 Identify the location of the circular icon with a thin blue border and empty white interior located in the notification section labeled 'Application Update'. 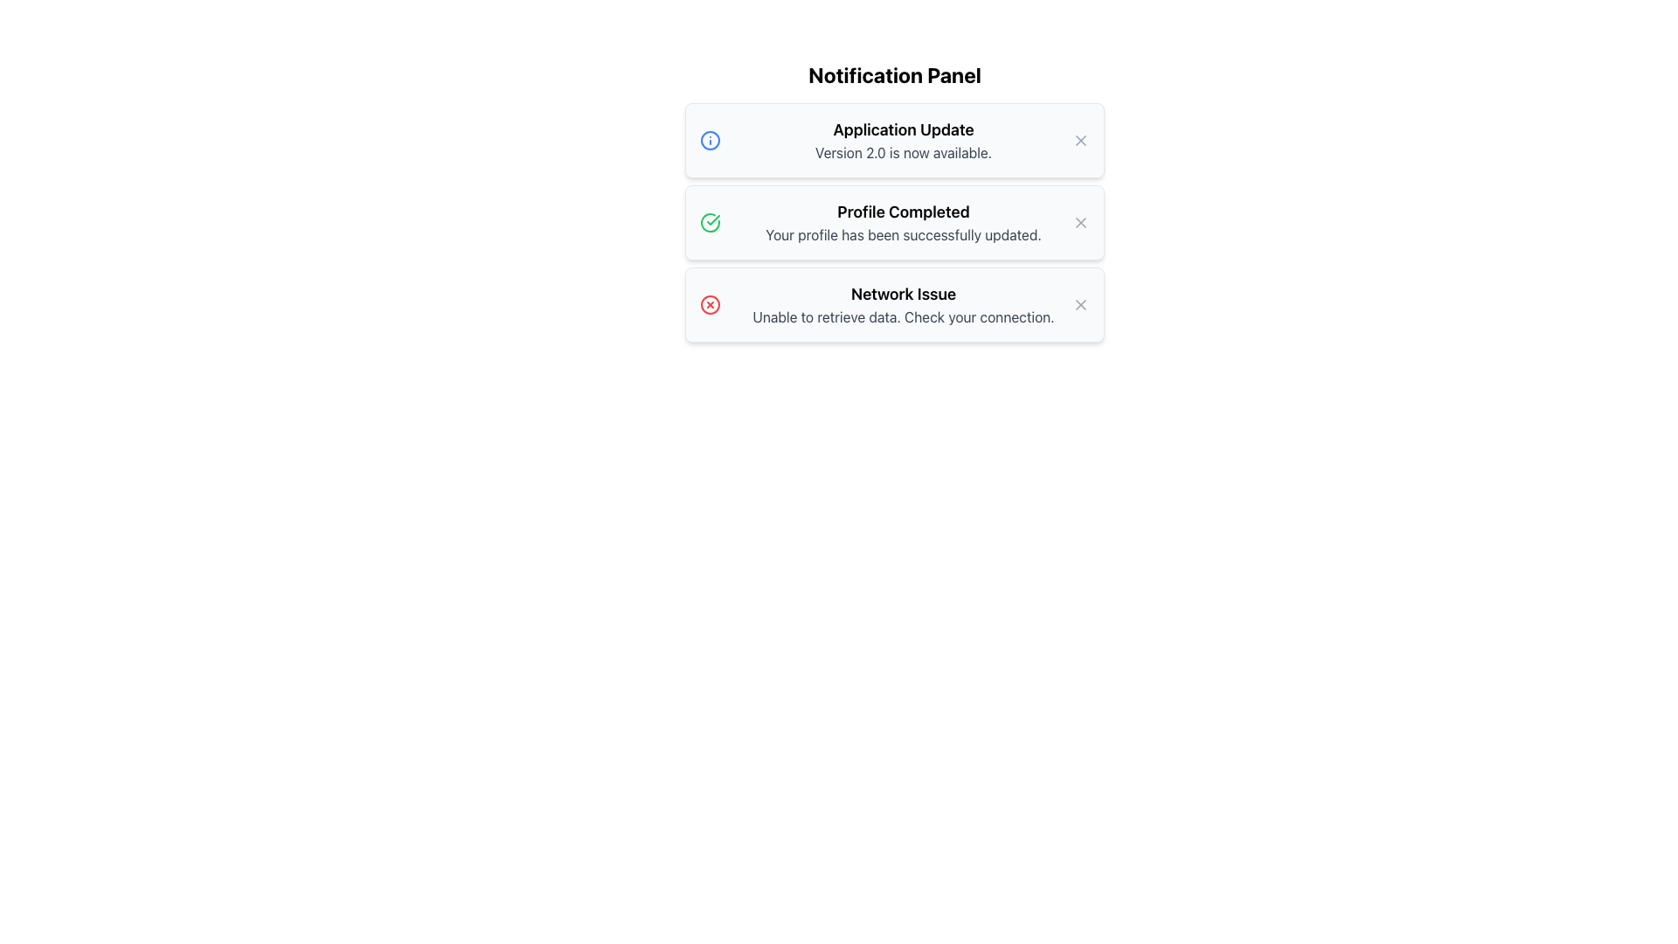
(710, 140).